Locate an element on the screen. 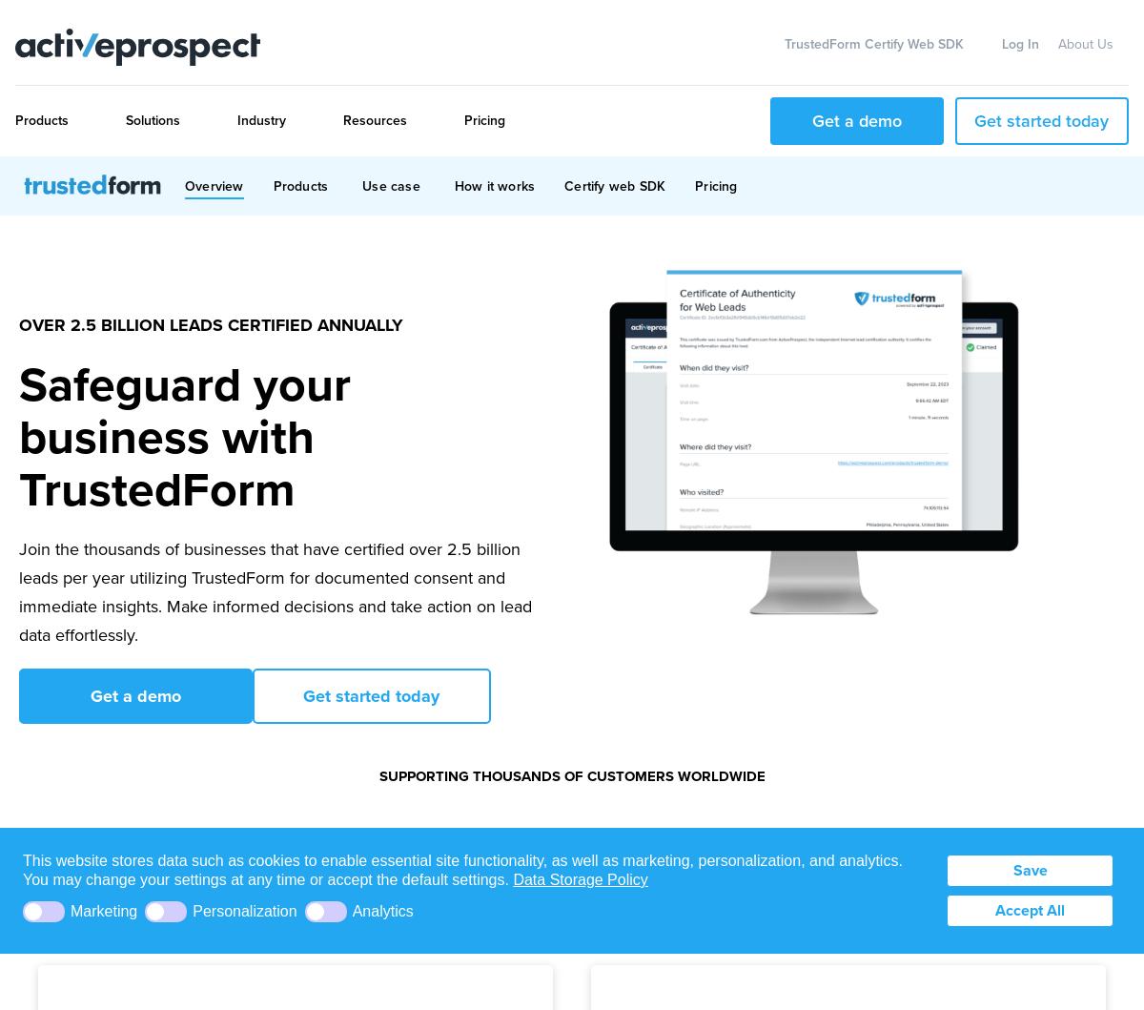 The width and height of the screenshot is (1144, 1010). 'Join the thousands of businesses that have certified over 2.5 billion leads per year utilizing TrustedForm for documented consent and immediate insights. Make informed decisions and take action on lead data effortlessly.' is located at coordinates (274, 590).